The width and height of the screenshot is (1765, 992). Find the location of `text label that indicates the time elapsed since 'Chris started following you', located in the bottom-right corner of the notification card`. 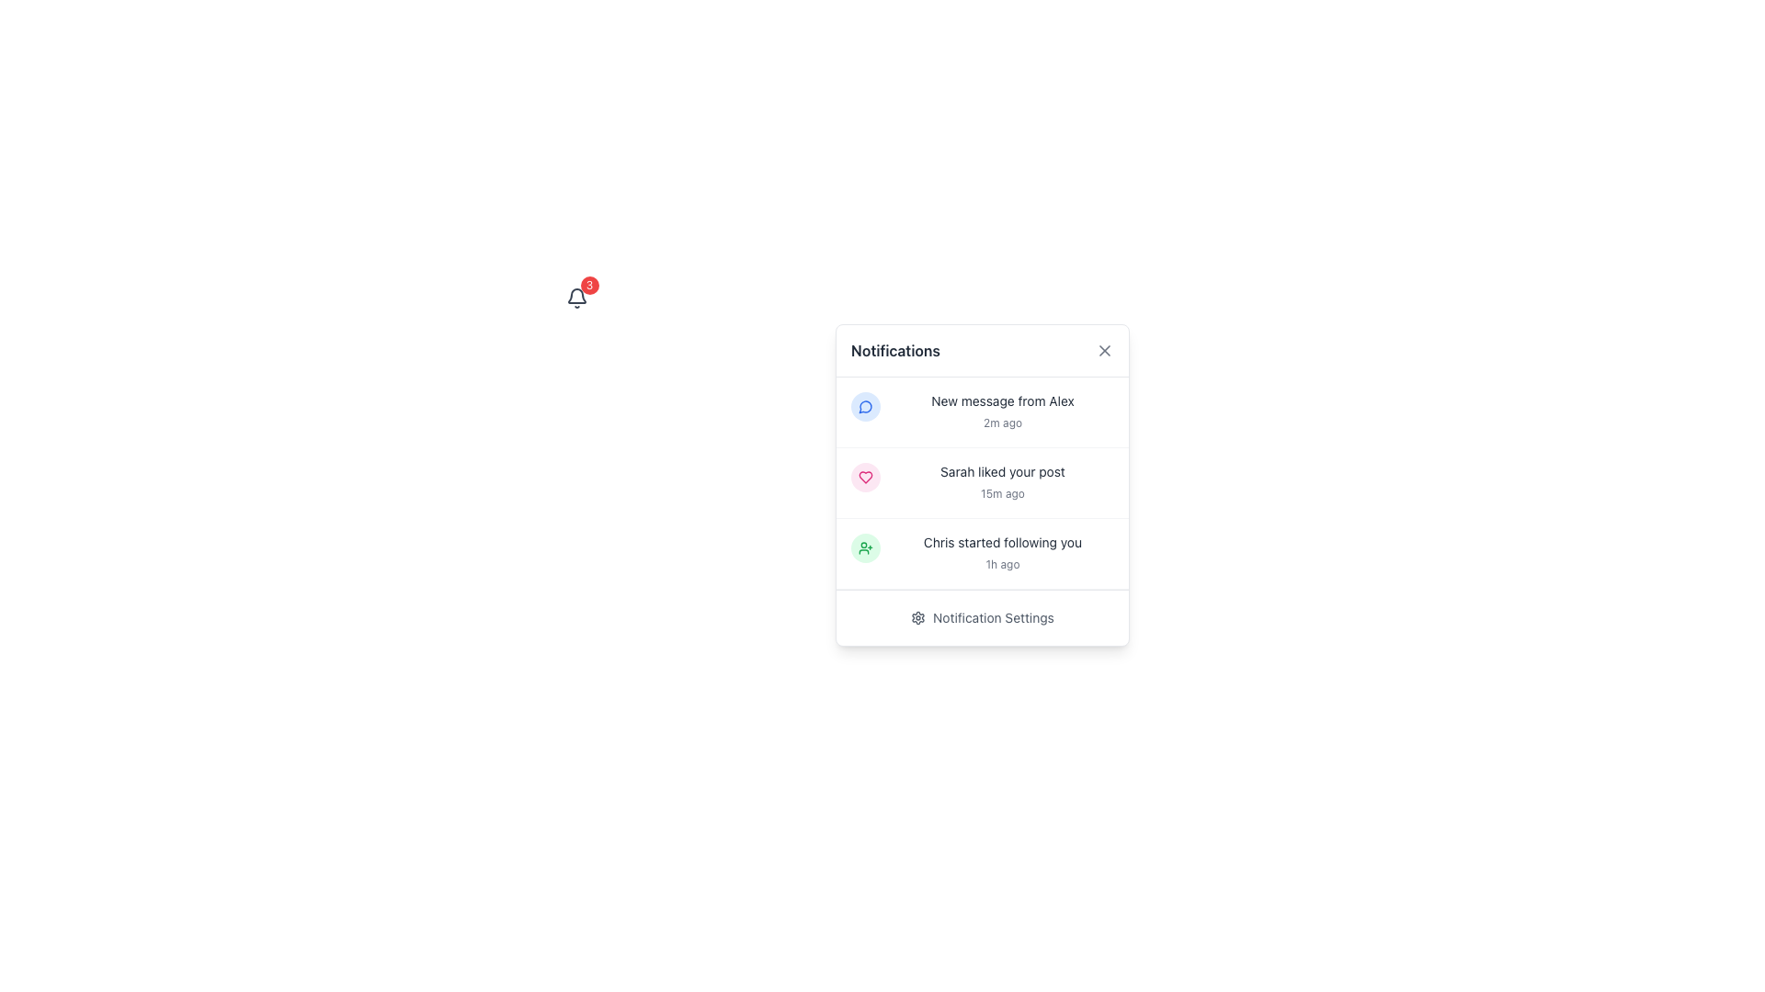

text label that indicates the time elapsed since 'Chris started following you', located in the bottom-right corner of the notification card is located at coordinates (1001, 563).